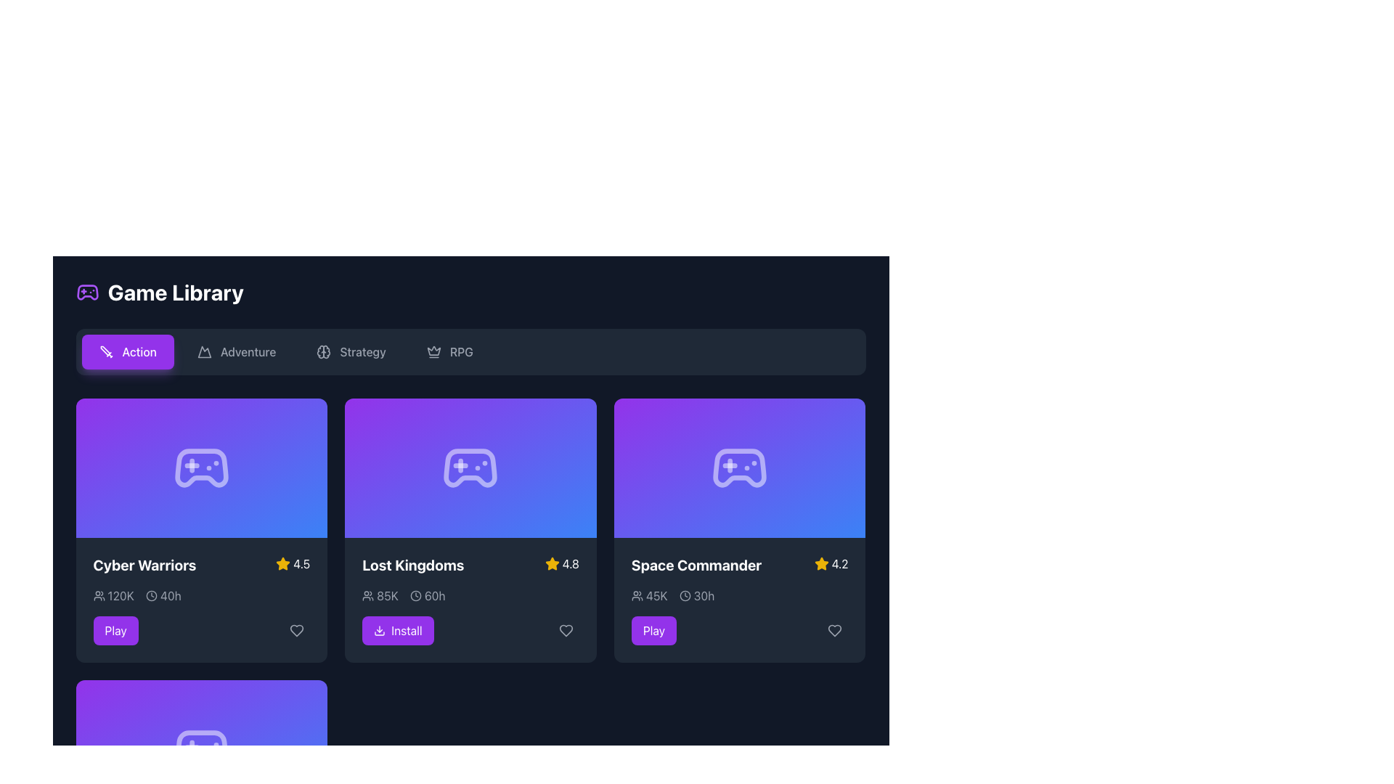 This screenshot has height=784, width=1394. Describe the element at coordinates (160, 292) in the screenshot. I see `section title text with icon located at the upper-left section of the library interface for games` at that location.